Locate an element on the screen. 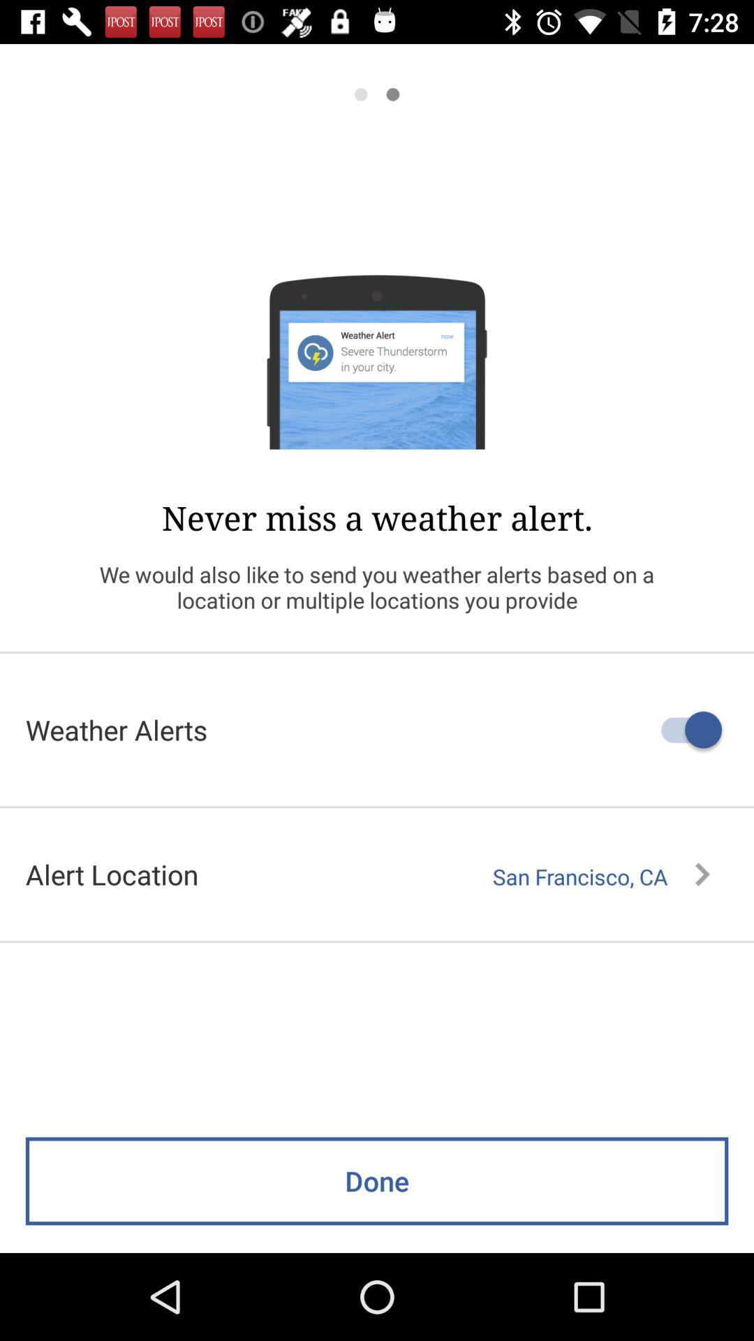 Image resolution: width=754 pixels, height=1341 pixels. done is located at coordinates (377, 1180).